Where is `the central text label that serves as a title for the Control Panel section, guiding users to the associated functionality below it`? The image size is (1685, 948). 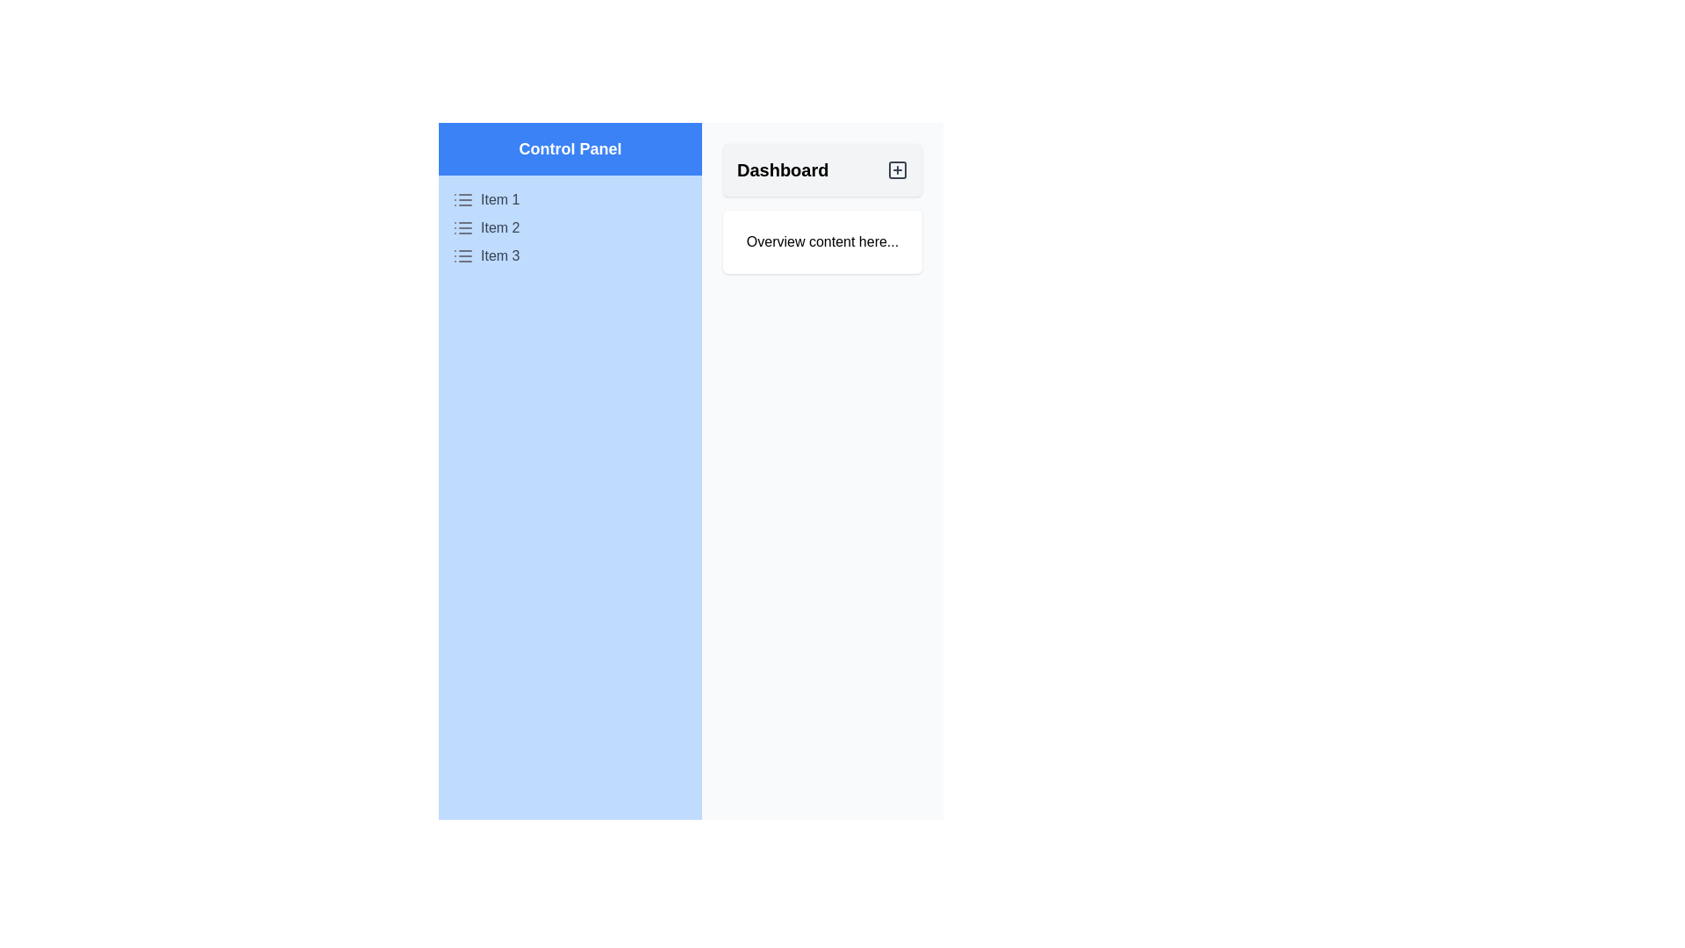 the central text label that serves as a title for the Control Panel section, guiding users to the associated functionality below it is located at coordinates (570, 147).